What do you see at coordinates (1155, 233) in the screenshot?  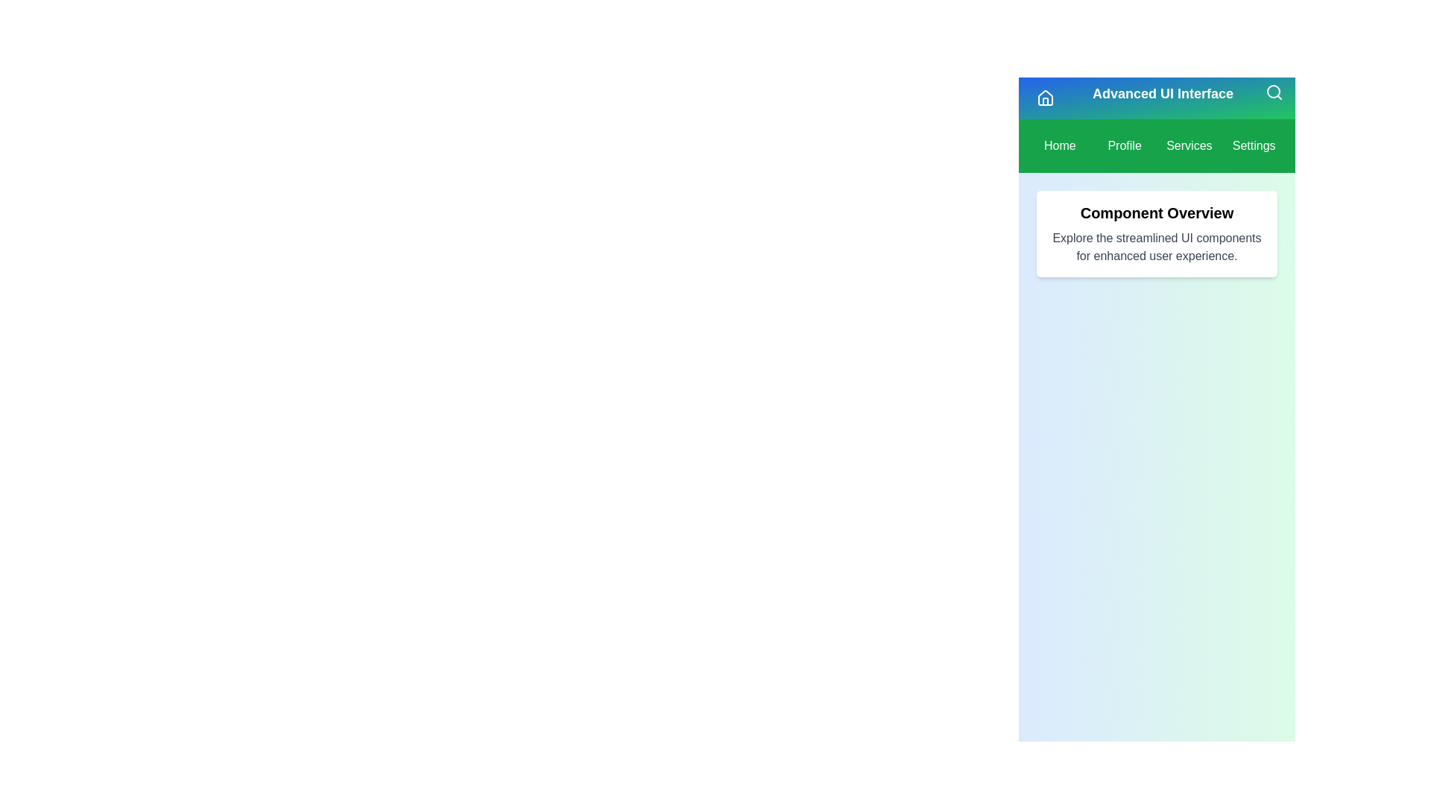 I see `the 'Component Overview' section to focus or highlight it` at bounding box center [1155, 233].